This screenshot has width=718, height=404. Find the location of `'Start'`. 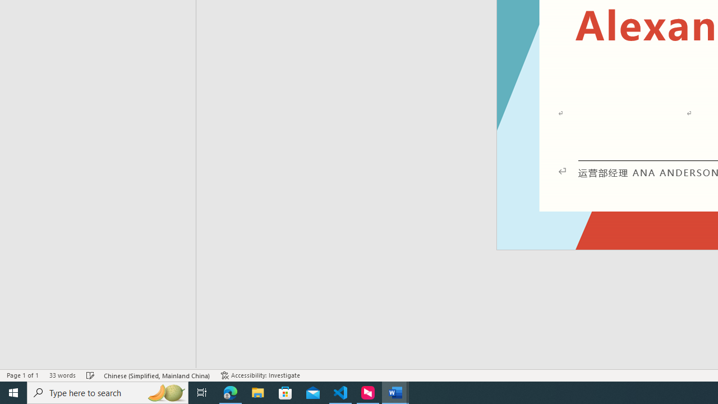

'Start' is located at coordinates (13, 392).